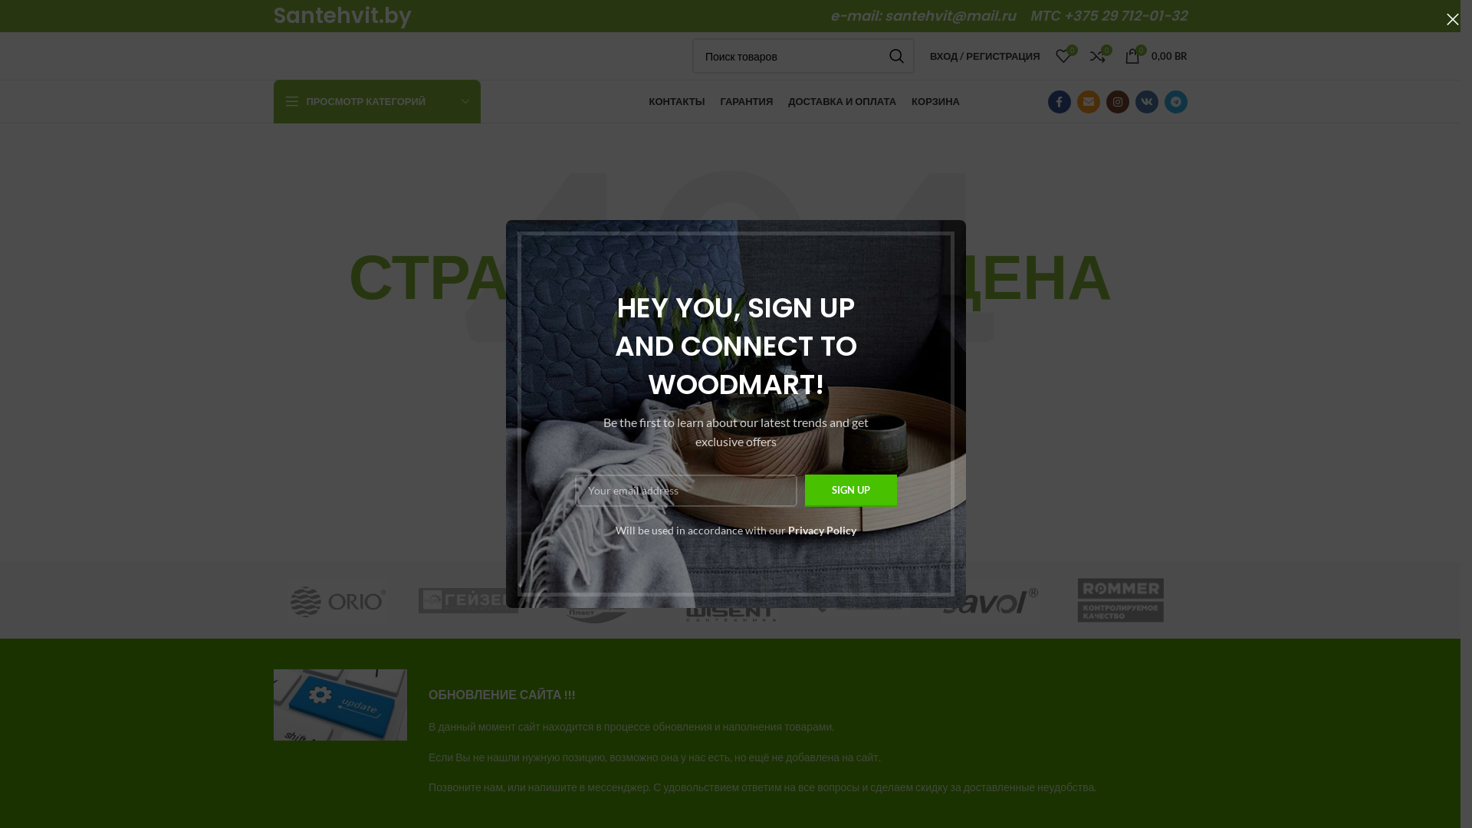 The image size is (1472, 828). I want to click on '0', so click(1081, 55).